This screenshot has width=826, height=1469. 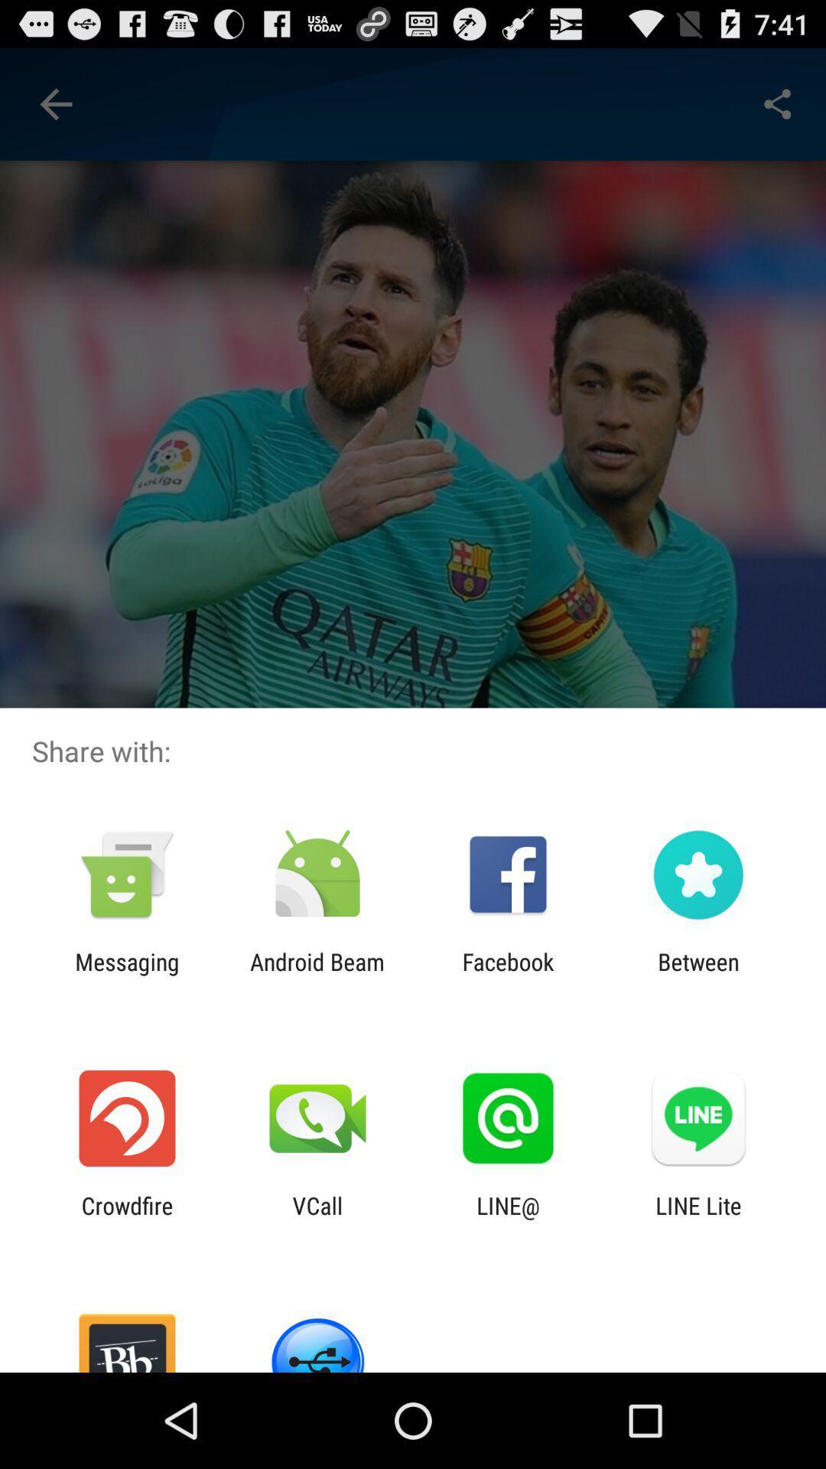 What do you see at coordinates (508, 975) in the screenshot?
I see `the icon to the right of android beam app` at bounding box center [508, 975].